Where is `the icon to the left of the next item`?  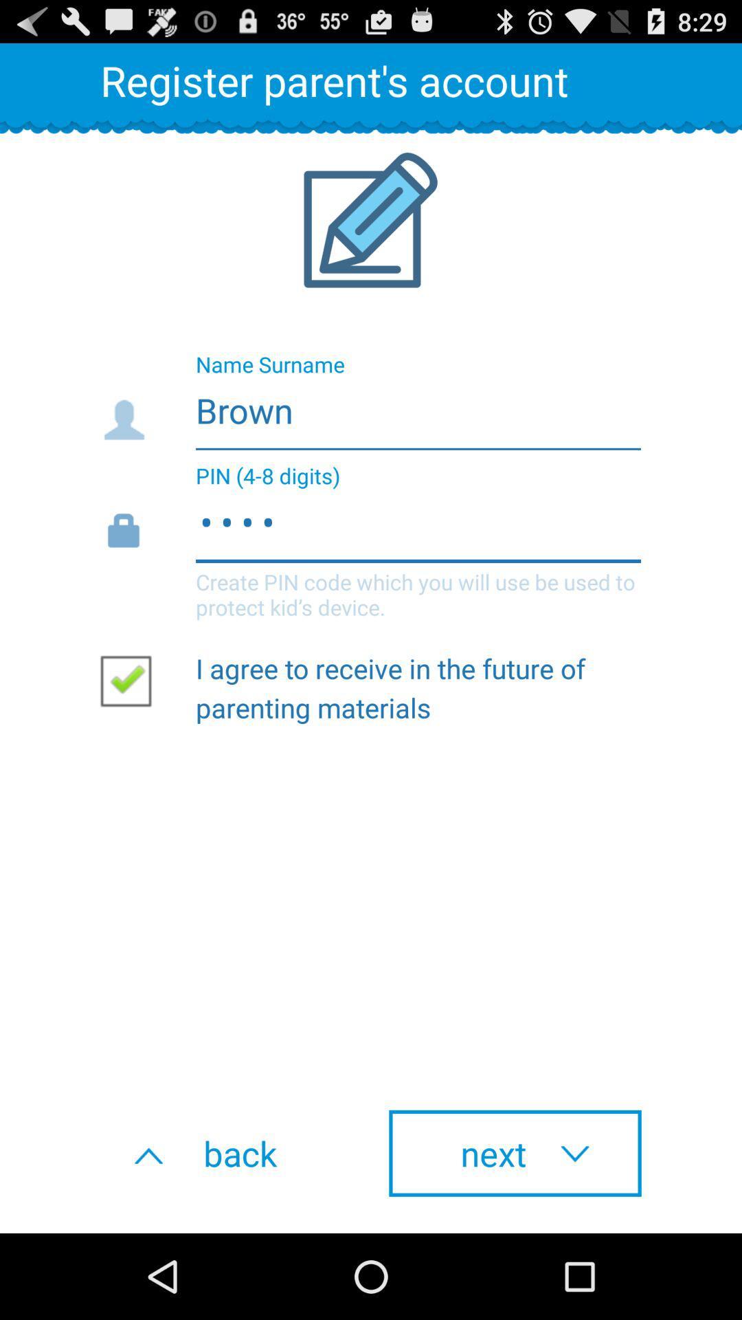
the icon to the left of the next item is located at coordinates (226, 1153).